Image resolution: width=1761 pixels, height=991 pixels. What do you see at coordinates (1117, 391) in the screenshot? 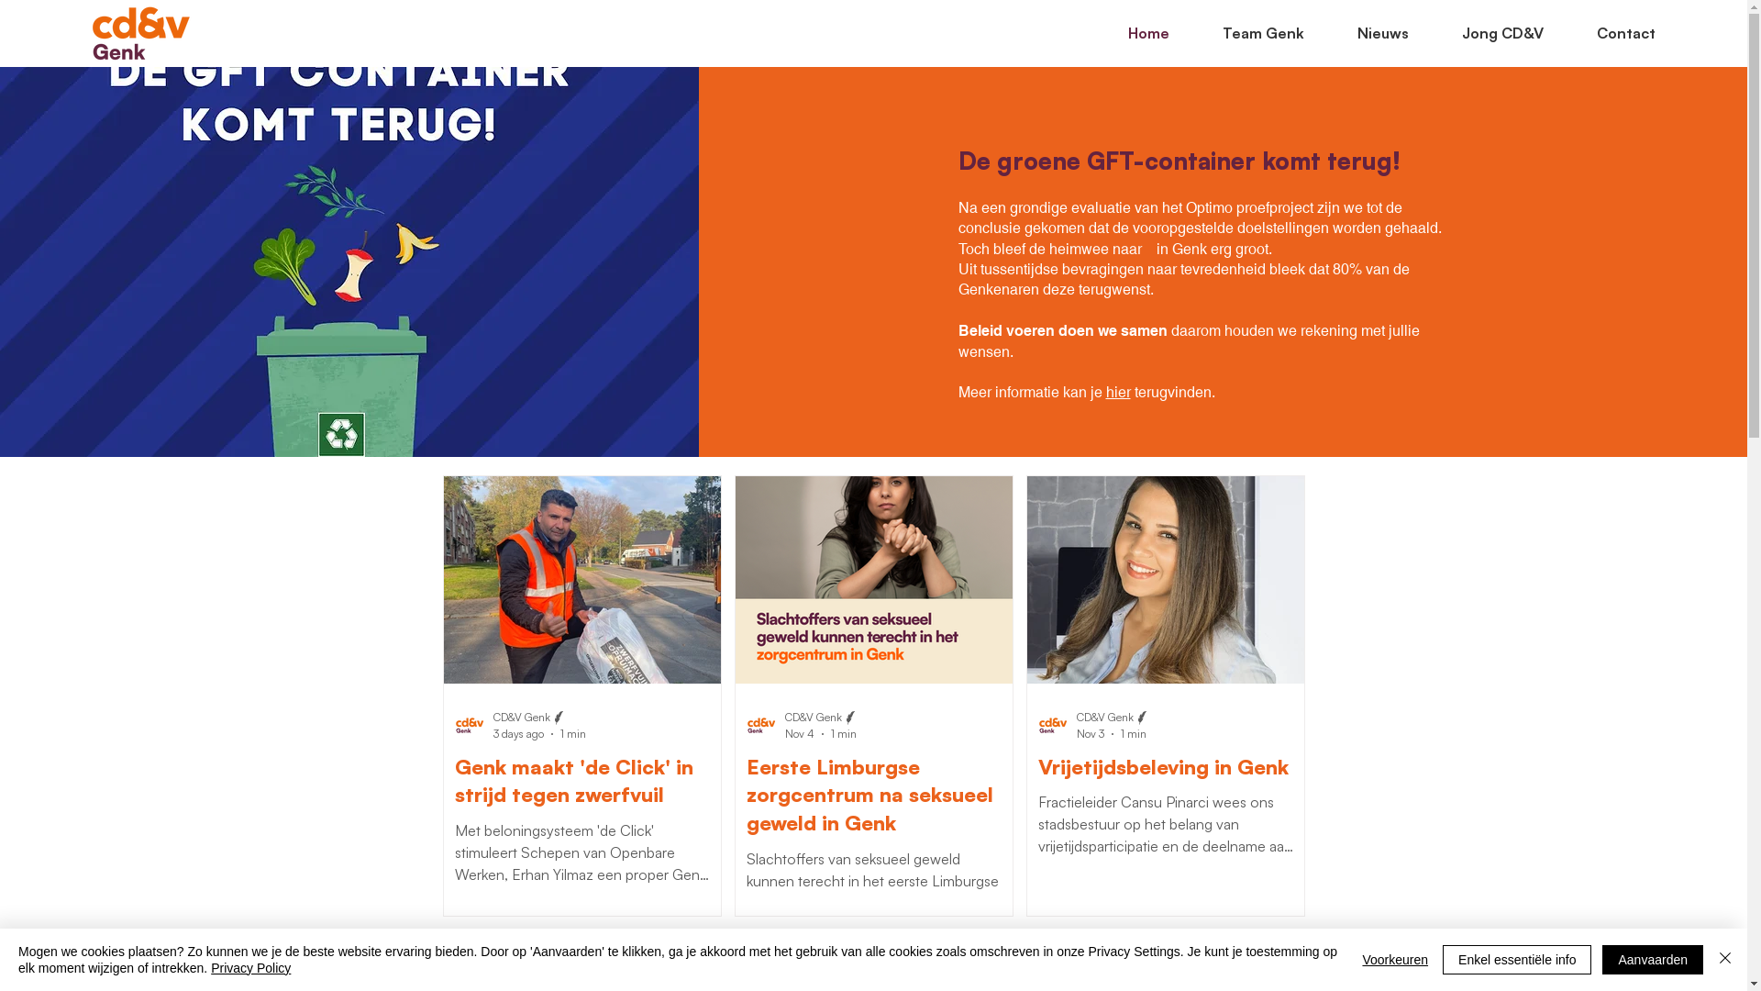
I see `'hier'` at bounding box center [1117, 391].